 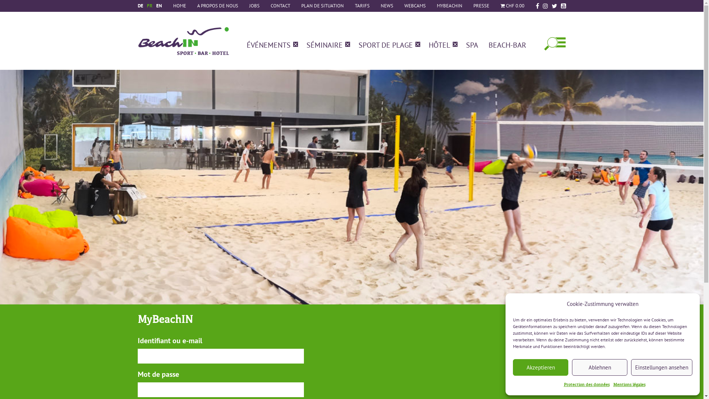 I want to click on 'EN', so click(x=159, y=6).